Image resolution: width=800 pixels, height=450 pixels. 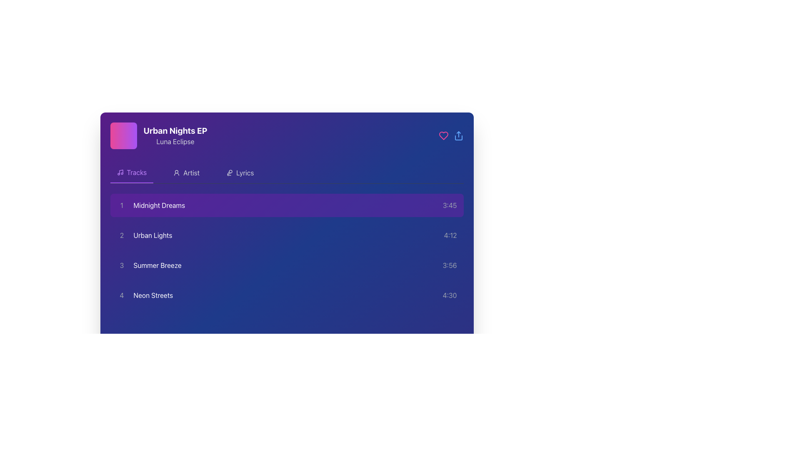 What do you see at coordinates (159, 135) in the screenshot?
I see `album title 'Urban Nights EP' and subtitle 'Luna Eclipse' from the information display block located in the top-left area of the music player interface` at bounding box center [159, 135].